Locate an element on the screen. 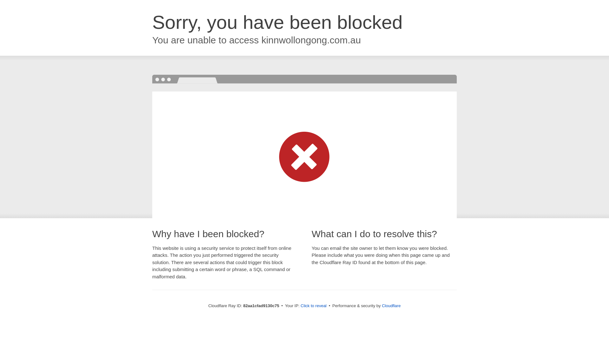 Image resolution: width=609 pixels, height=342 pixels. 'Cloudflare' is located at coordinates (391, 305).